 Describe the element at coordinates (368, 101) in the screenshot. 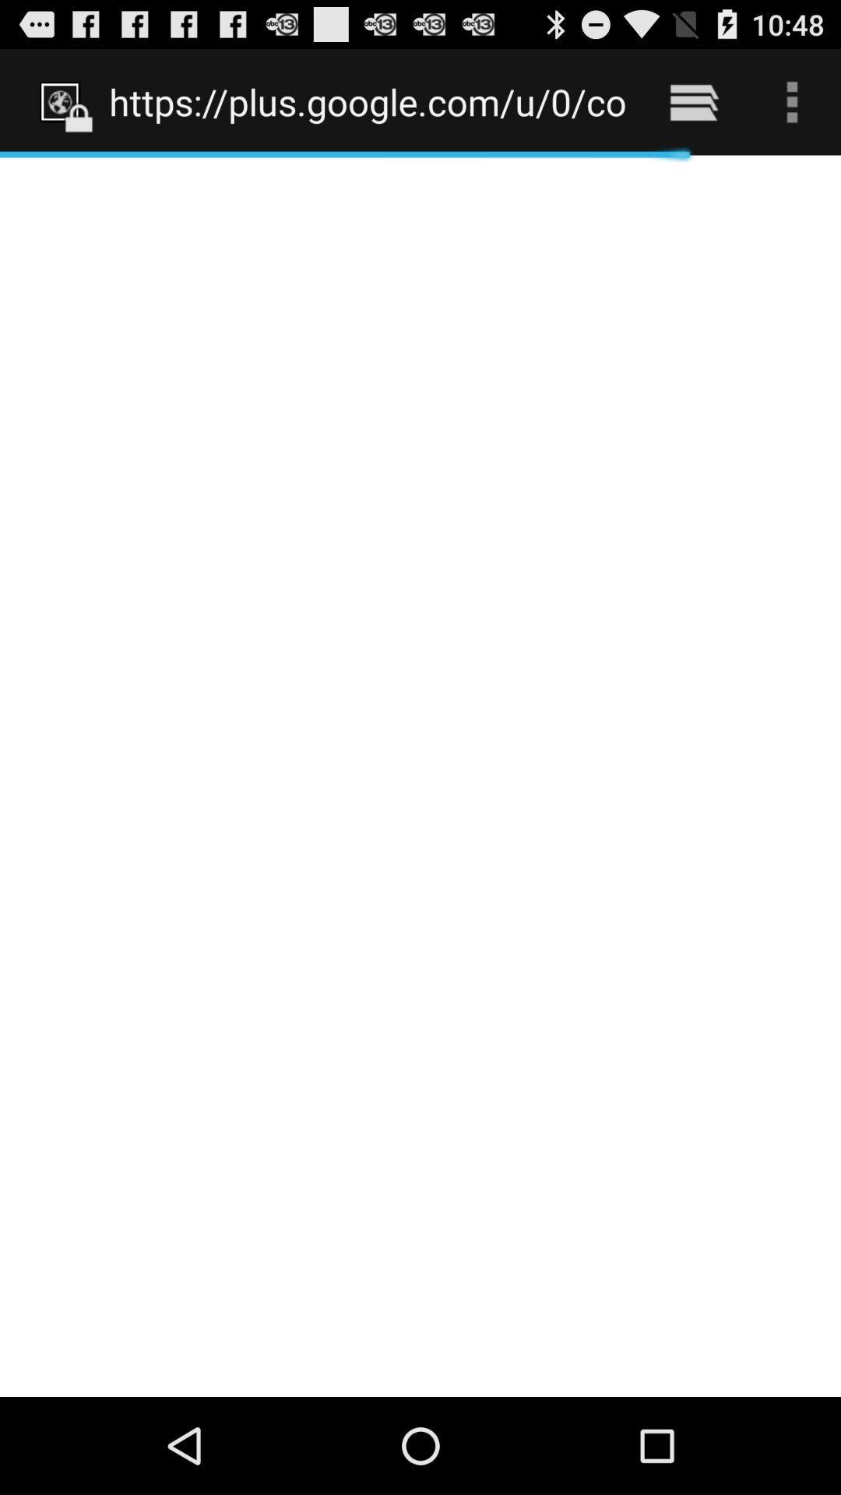

I see `the https plus google at the top` at that location.